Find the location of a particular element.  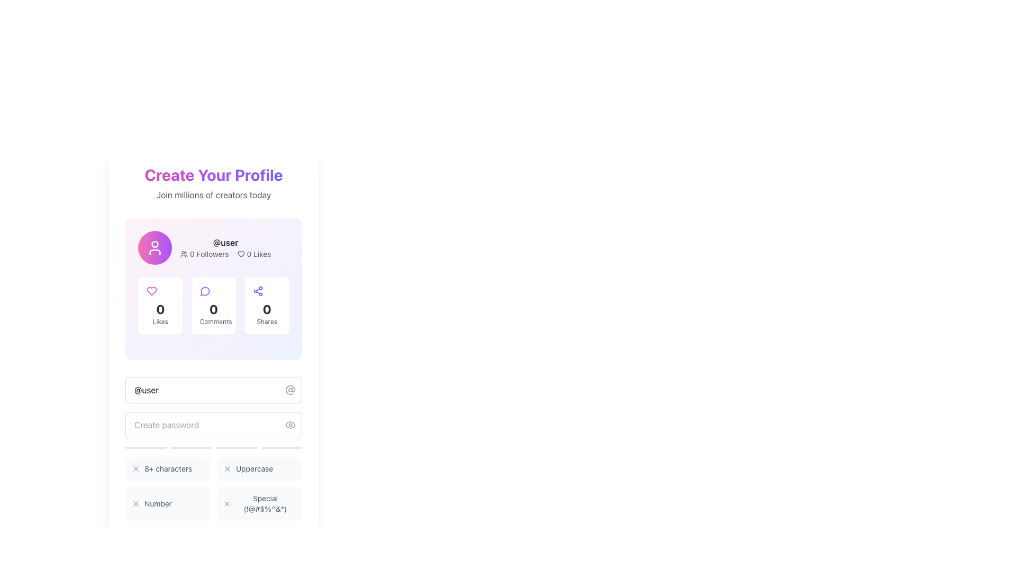

the Label with Icon that indicates the number of followers associated with the profile, which is located to the left of the '0 Likes' element below the username '@user' is located at coordinates (204, 254).